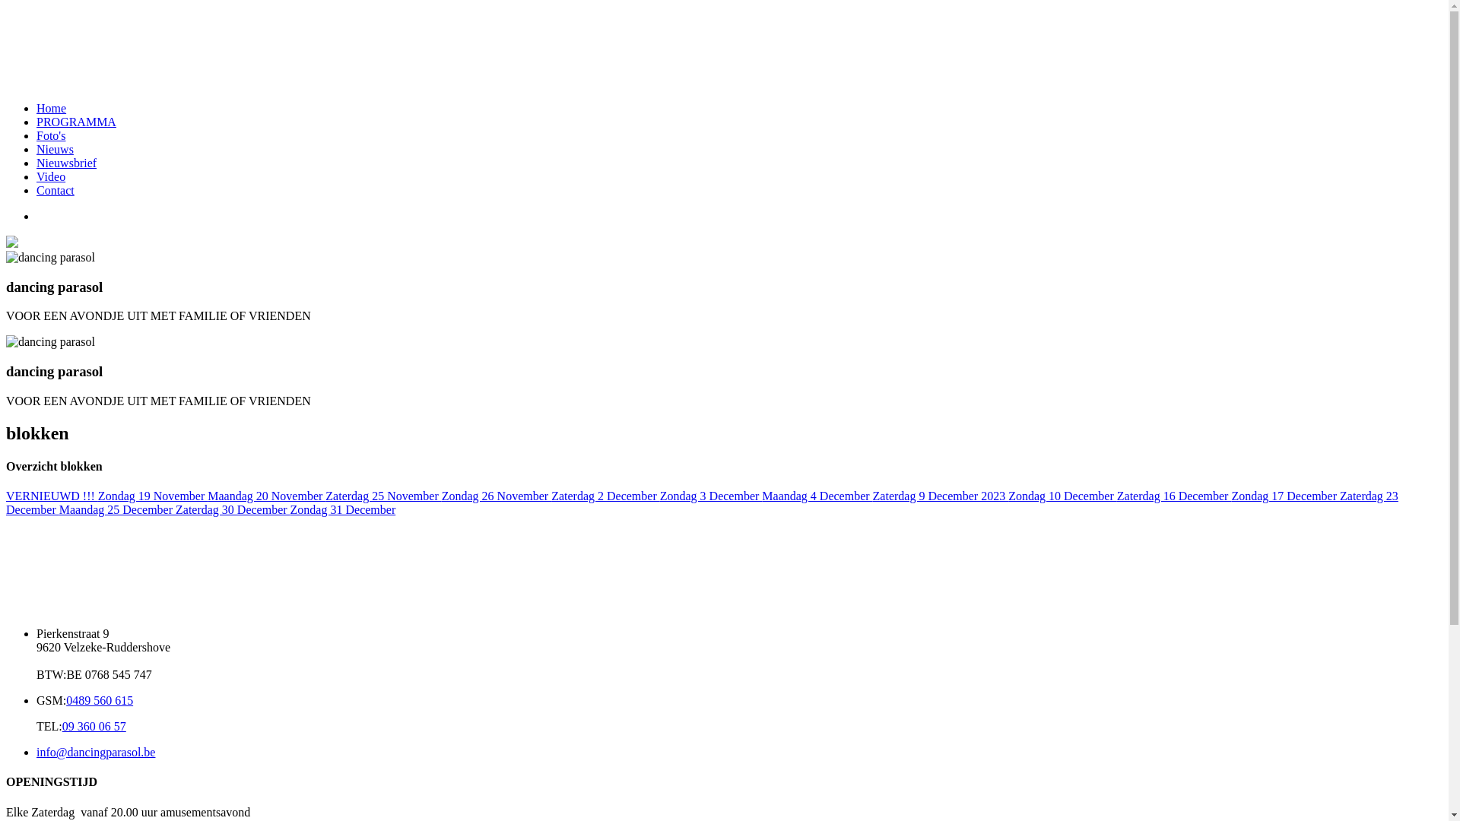  I want to click on 'PROGRAMMA', so click(75, 121).